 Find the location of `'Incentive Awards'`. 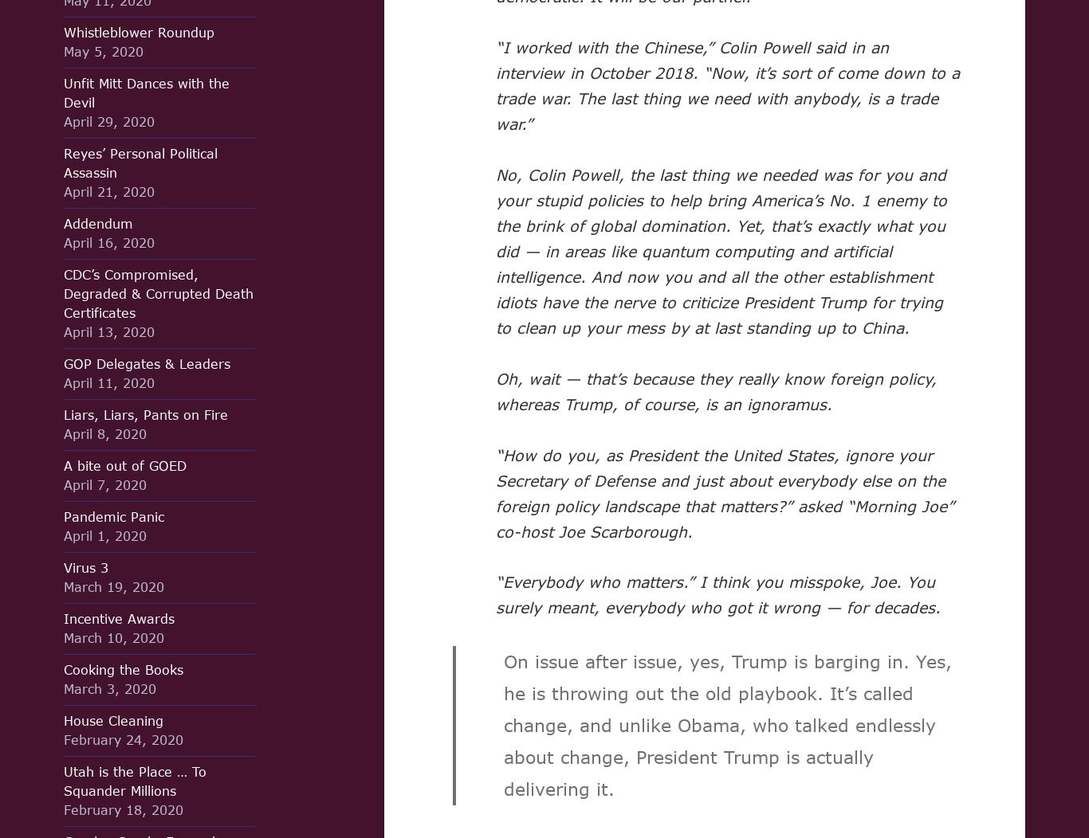

'Incentive Awards' is located at coordinates (118, 617).